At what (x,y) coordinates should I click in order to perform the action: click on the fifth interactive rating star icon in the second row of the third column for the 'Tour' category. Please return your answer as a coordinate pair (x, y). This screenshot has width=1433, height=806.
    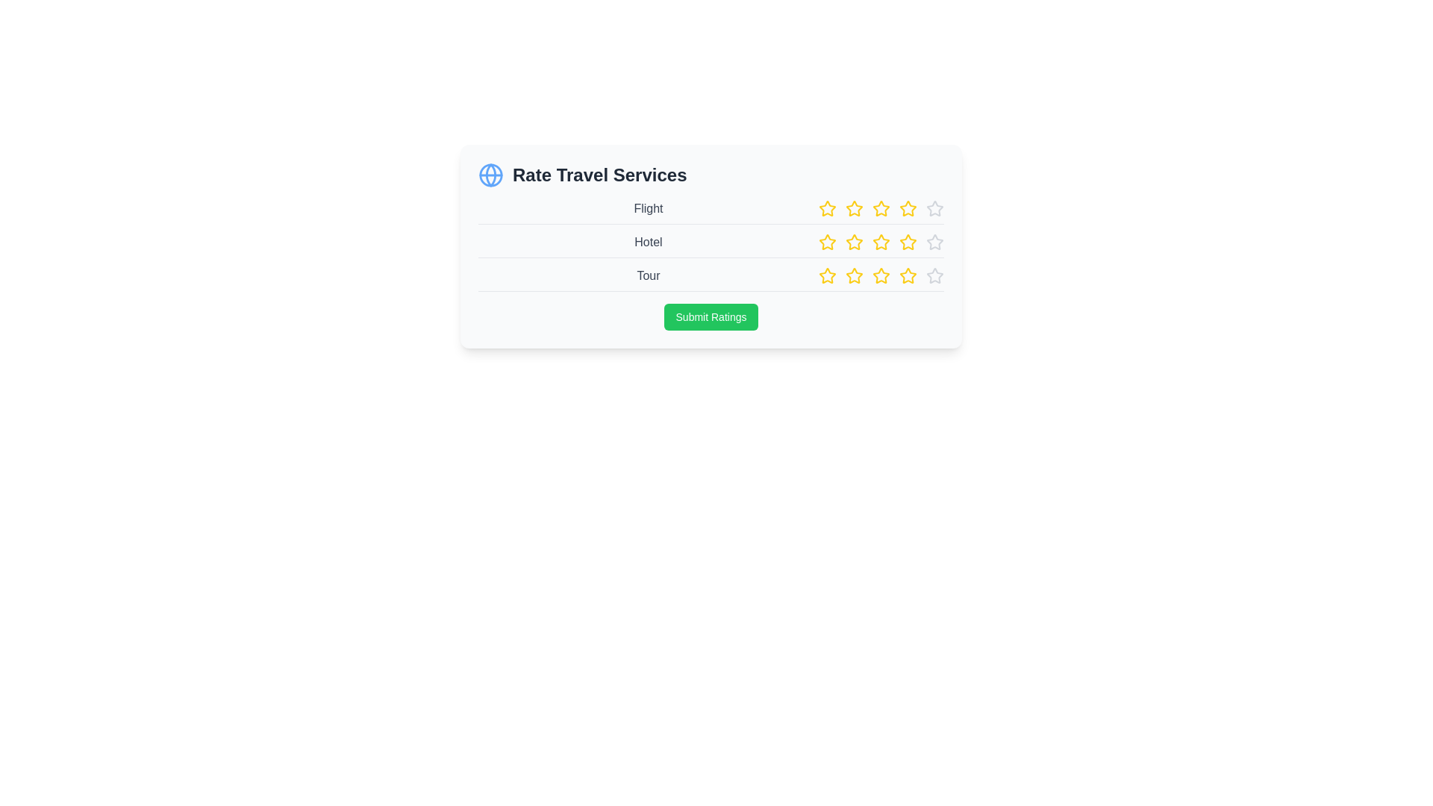
    Looking at the image, I should click on (908, 276).